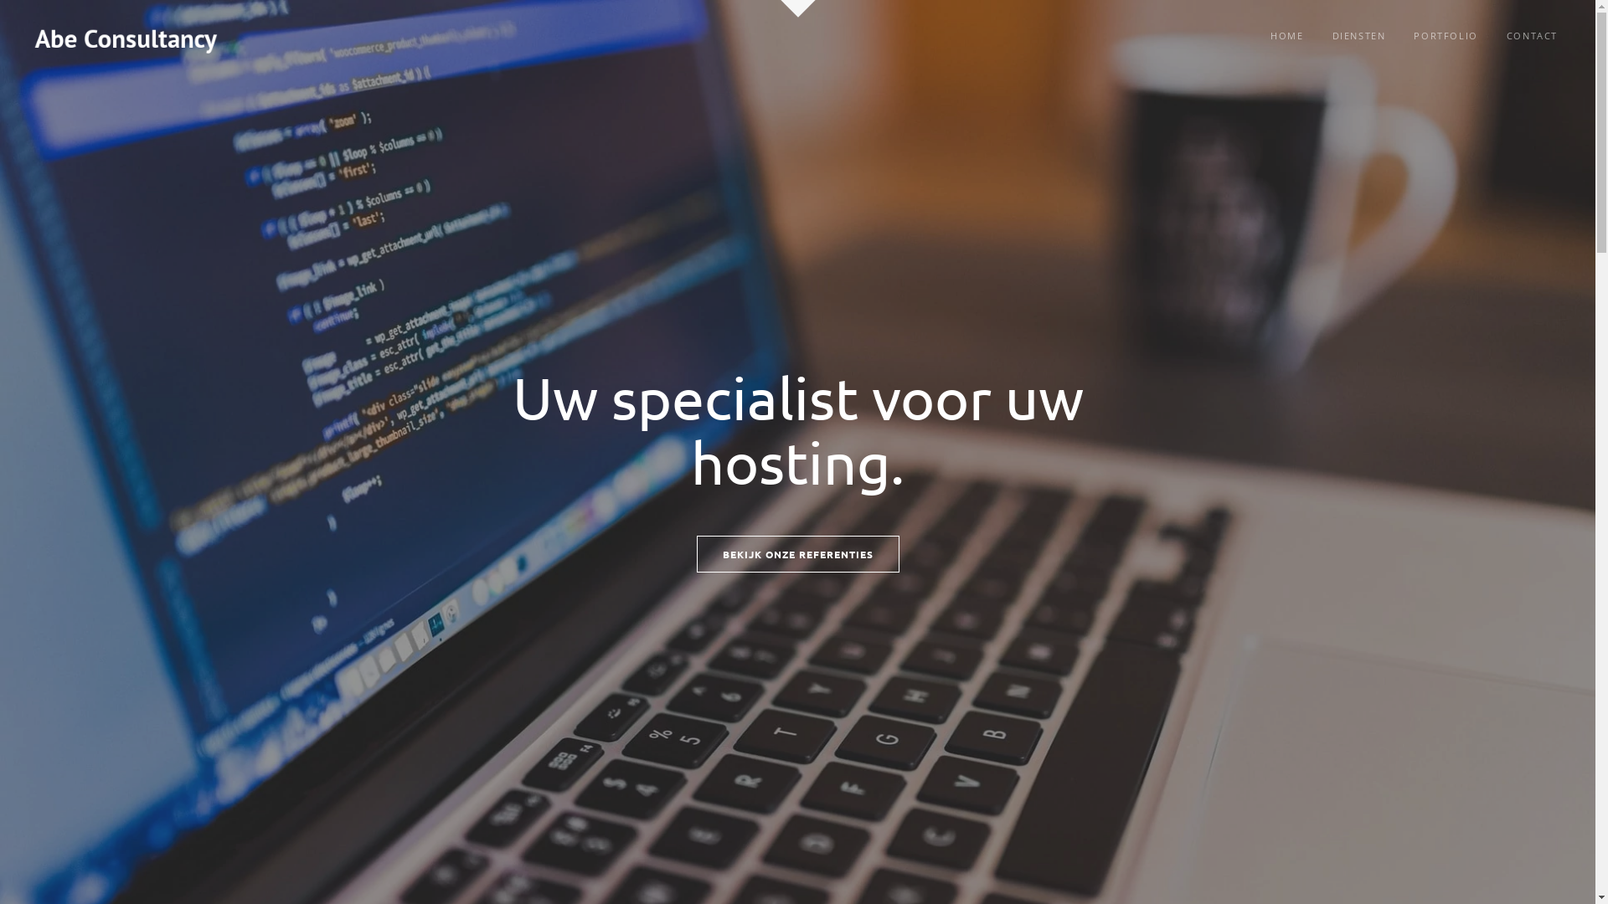  Describe the element at coordinates (1358, 35) in the screenshot. I see `'DIENSTEN'` at that location.